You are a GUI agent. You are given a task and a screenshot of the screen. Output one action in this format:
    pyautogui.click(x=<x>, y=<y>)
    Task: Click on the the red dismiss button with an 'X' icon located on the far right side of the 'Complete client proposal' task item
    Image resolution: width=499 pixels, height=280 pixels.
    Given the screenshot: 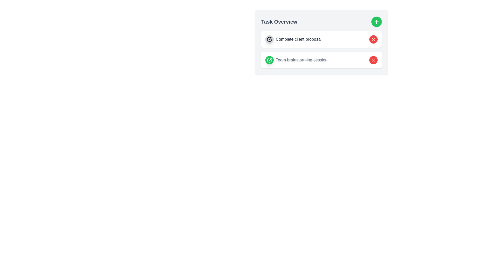 What is the action you would take?
    pyautogui.click(x=373, y=39)
    